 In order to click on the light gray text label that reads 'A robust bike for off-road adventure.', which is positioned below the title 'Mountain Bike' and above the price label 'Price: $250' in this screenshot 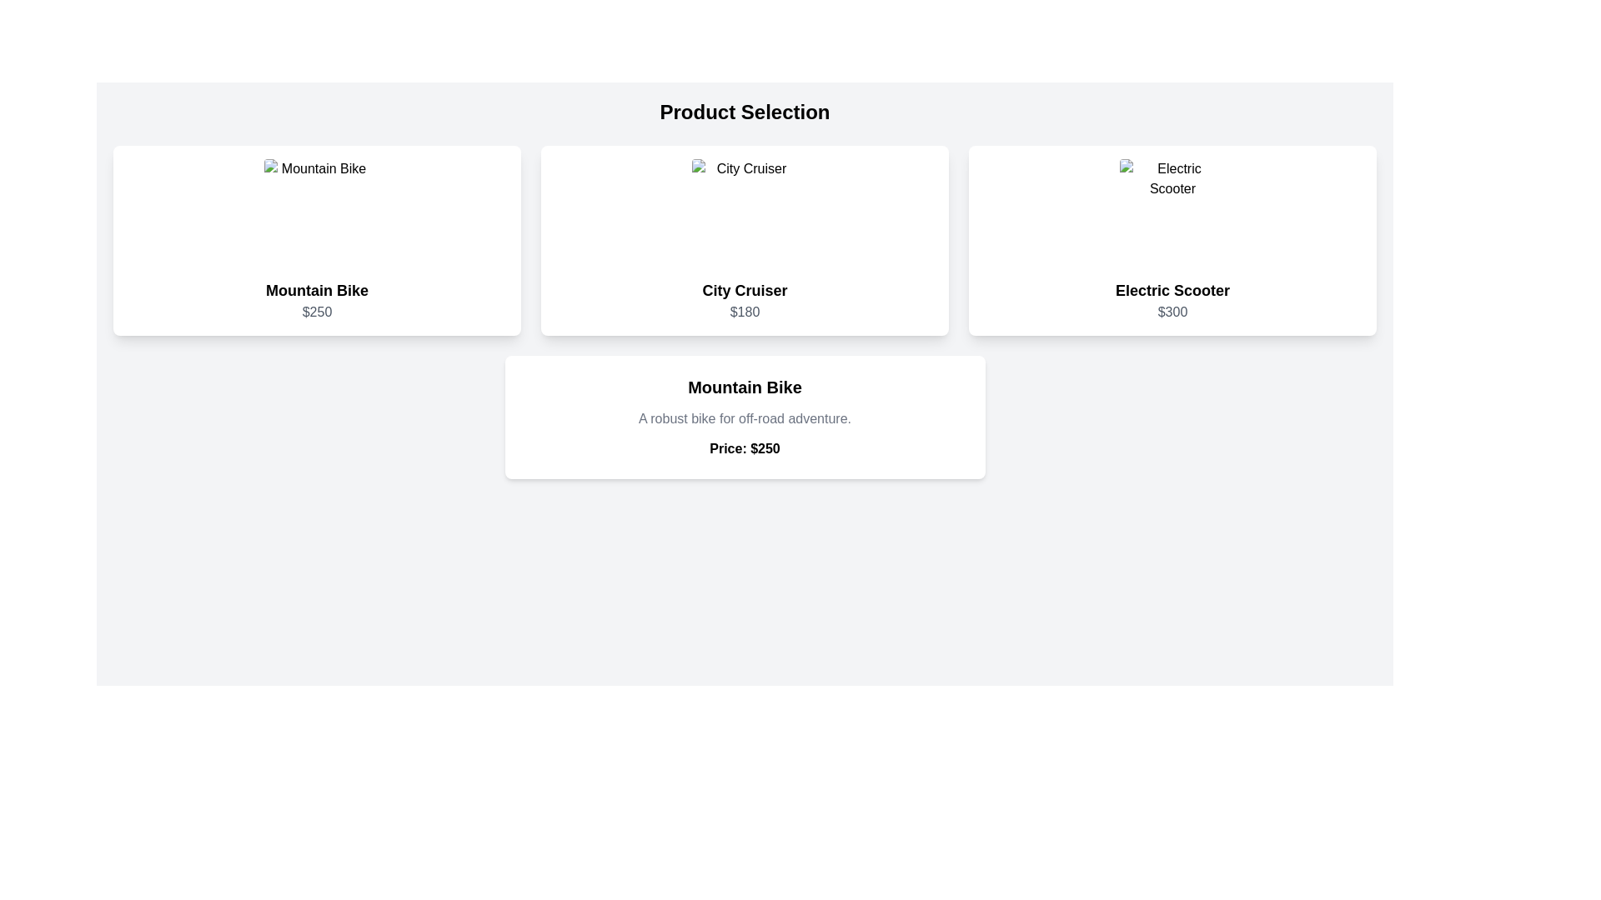, I will do `click(744, 417)`.